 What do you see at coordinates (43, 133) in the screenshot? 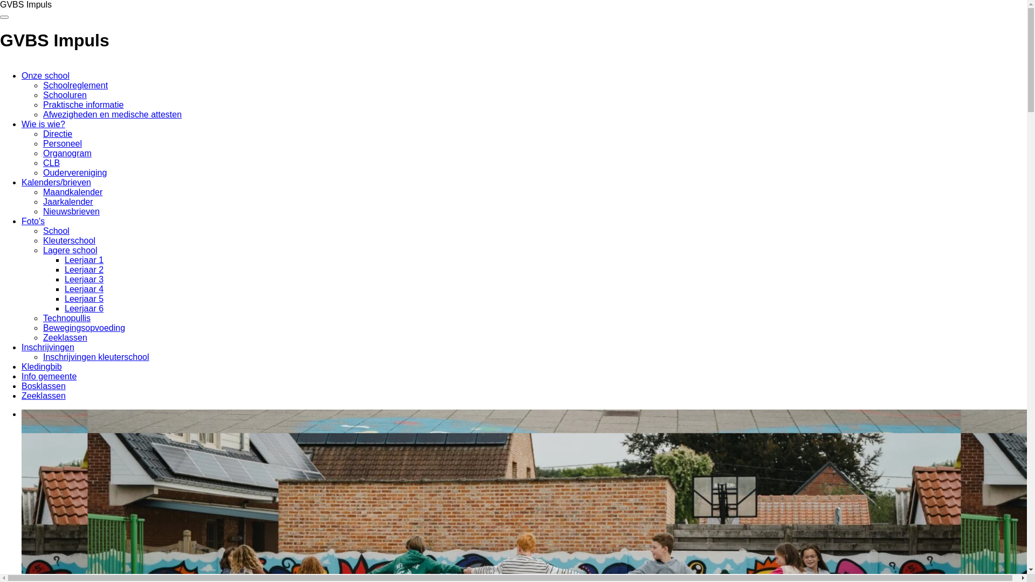
I see `'Directie'` at bounding box center [43, 133].